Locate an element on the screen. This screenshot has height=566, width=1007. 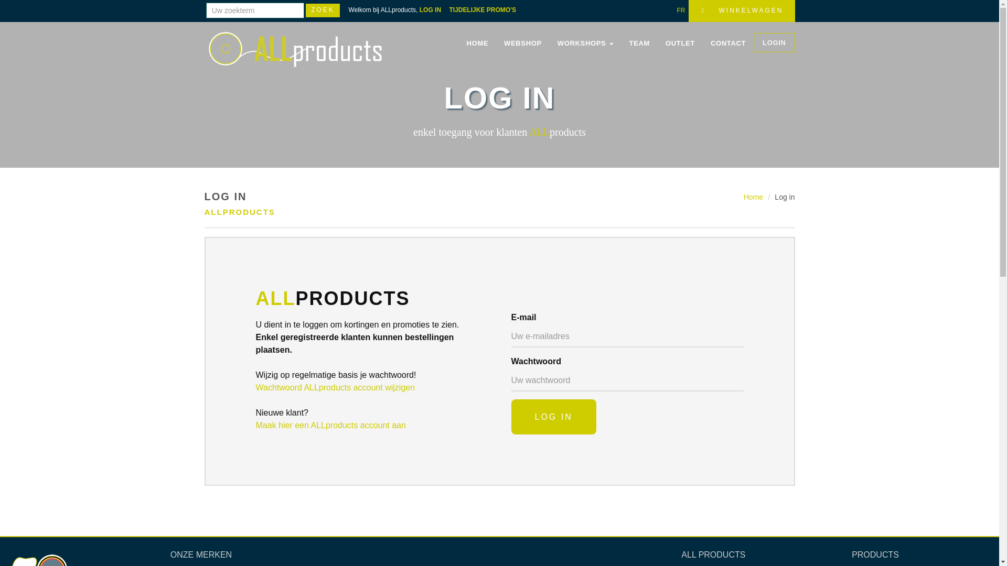
'Home' is located at coordinates (753, 197).